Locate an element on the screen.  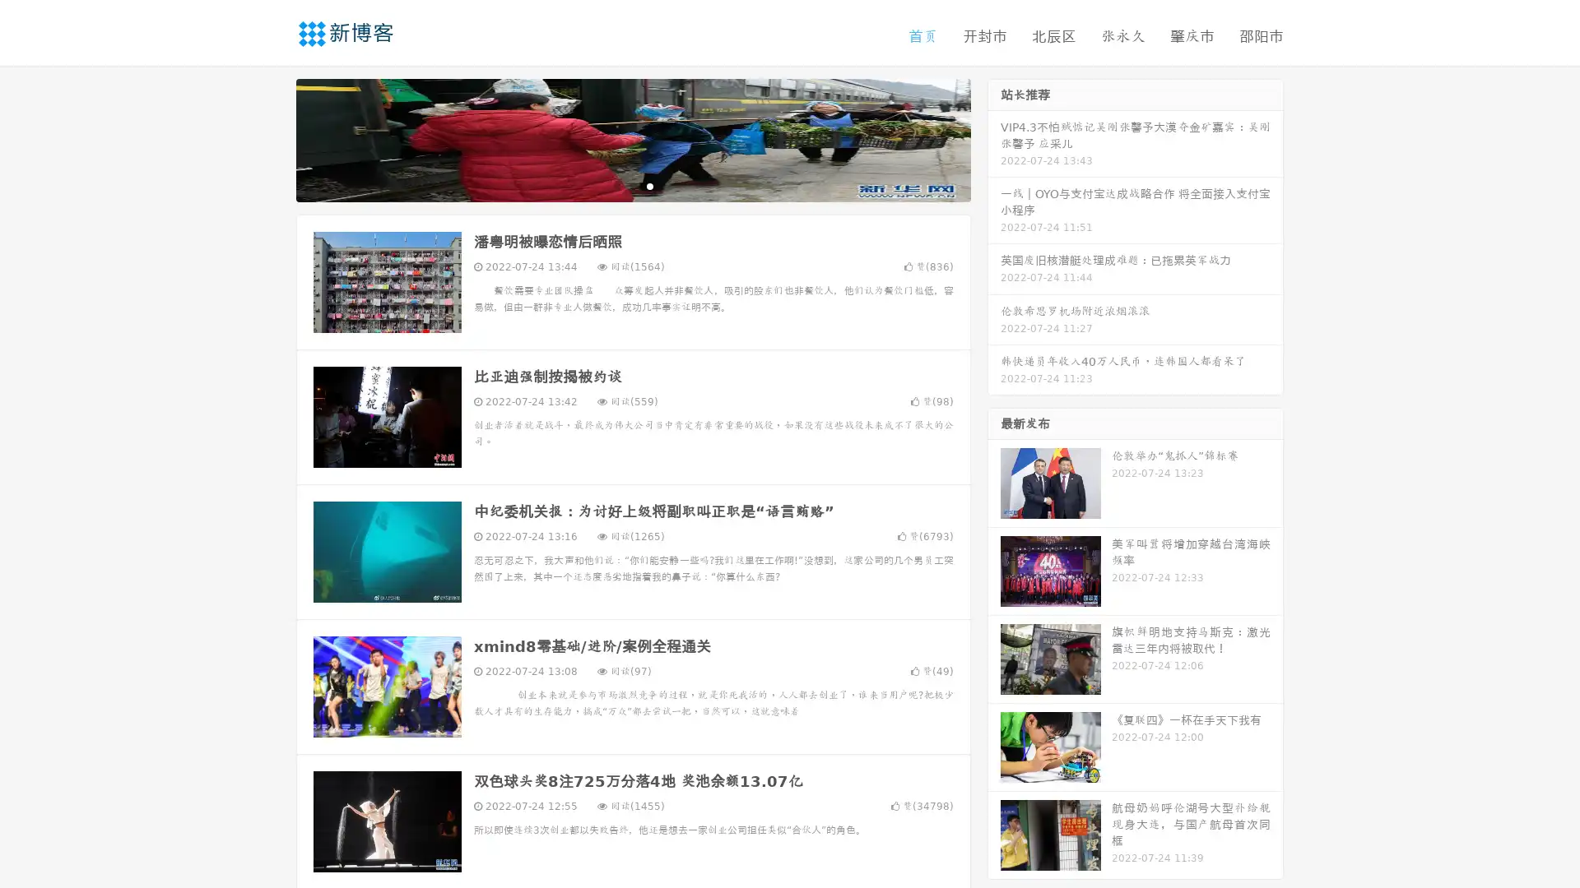
Go to slide 3 is located at coordinates (649, 185).